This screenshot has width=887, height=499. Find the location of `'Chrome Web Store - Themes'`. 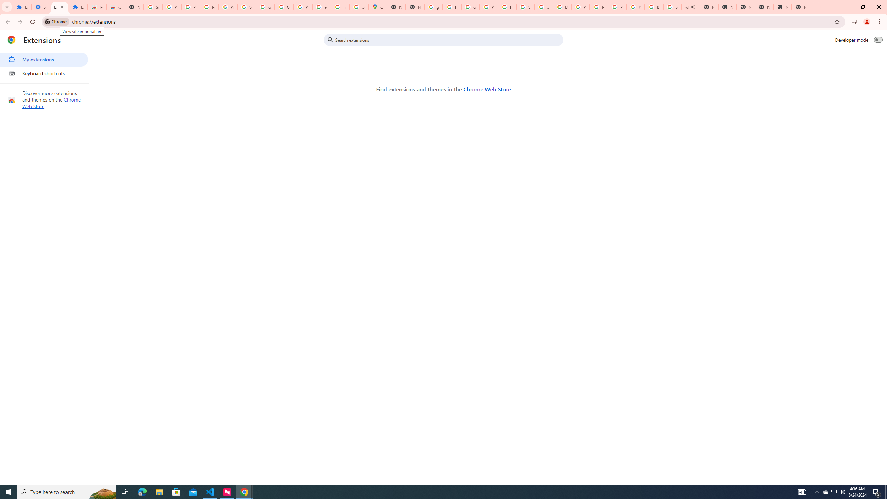

'Chrome Web Store - Themes' is located at coordinates (116, 7).